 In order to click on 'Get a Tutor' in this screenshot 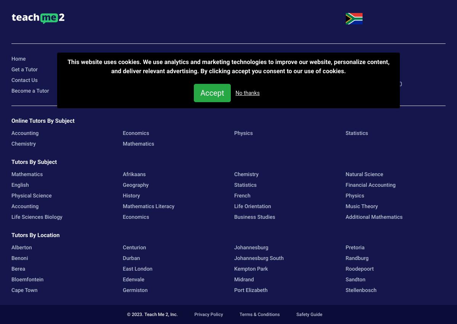, I will do `click(24, 69)`.